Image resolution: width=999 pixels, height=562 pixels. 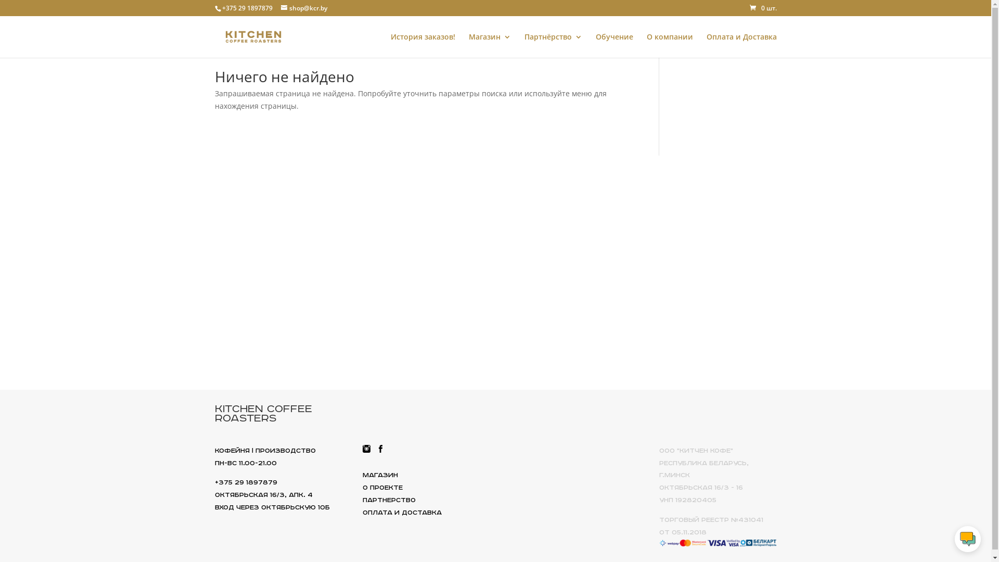 I want to click on '+375 29 1897879', so click(x=246, y=8).